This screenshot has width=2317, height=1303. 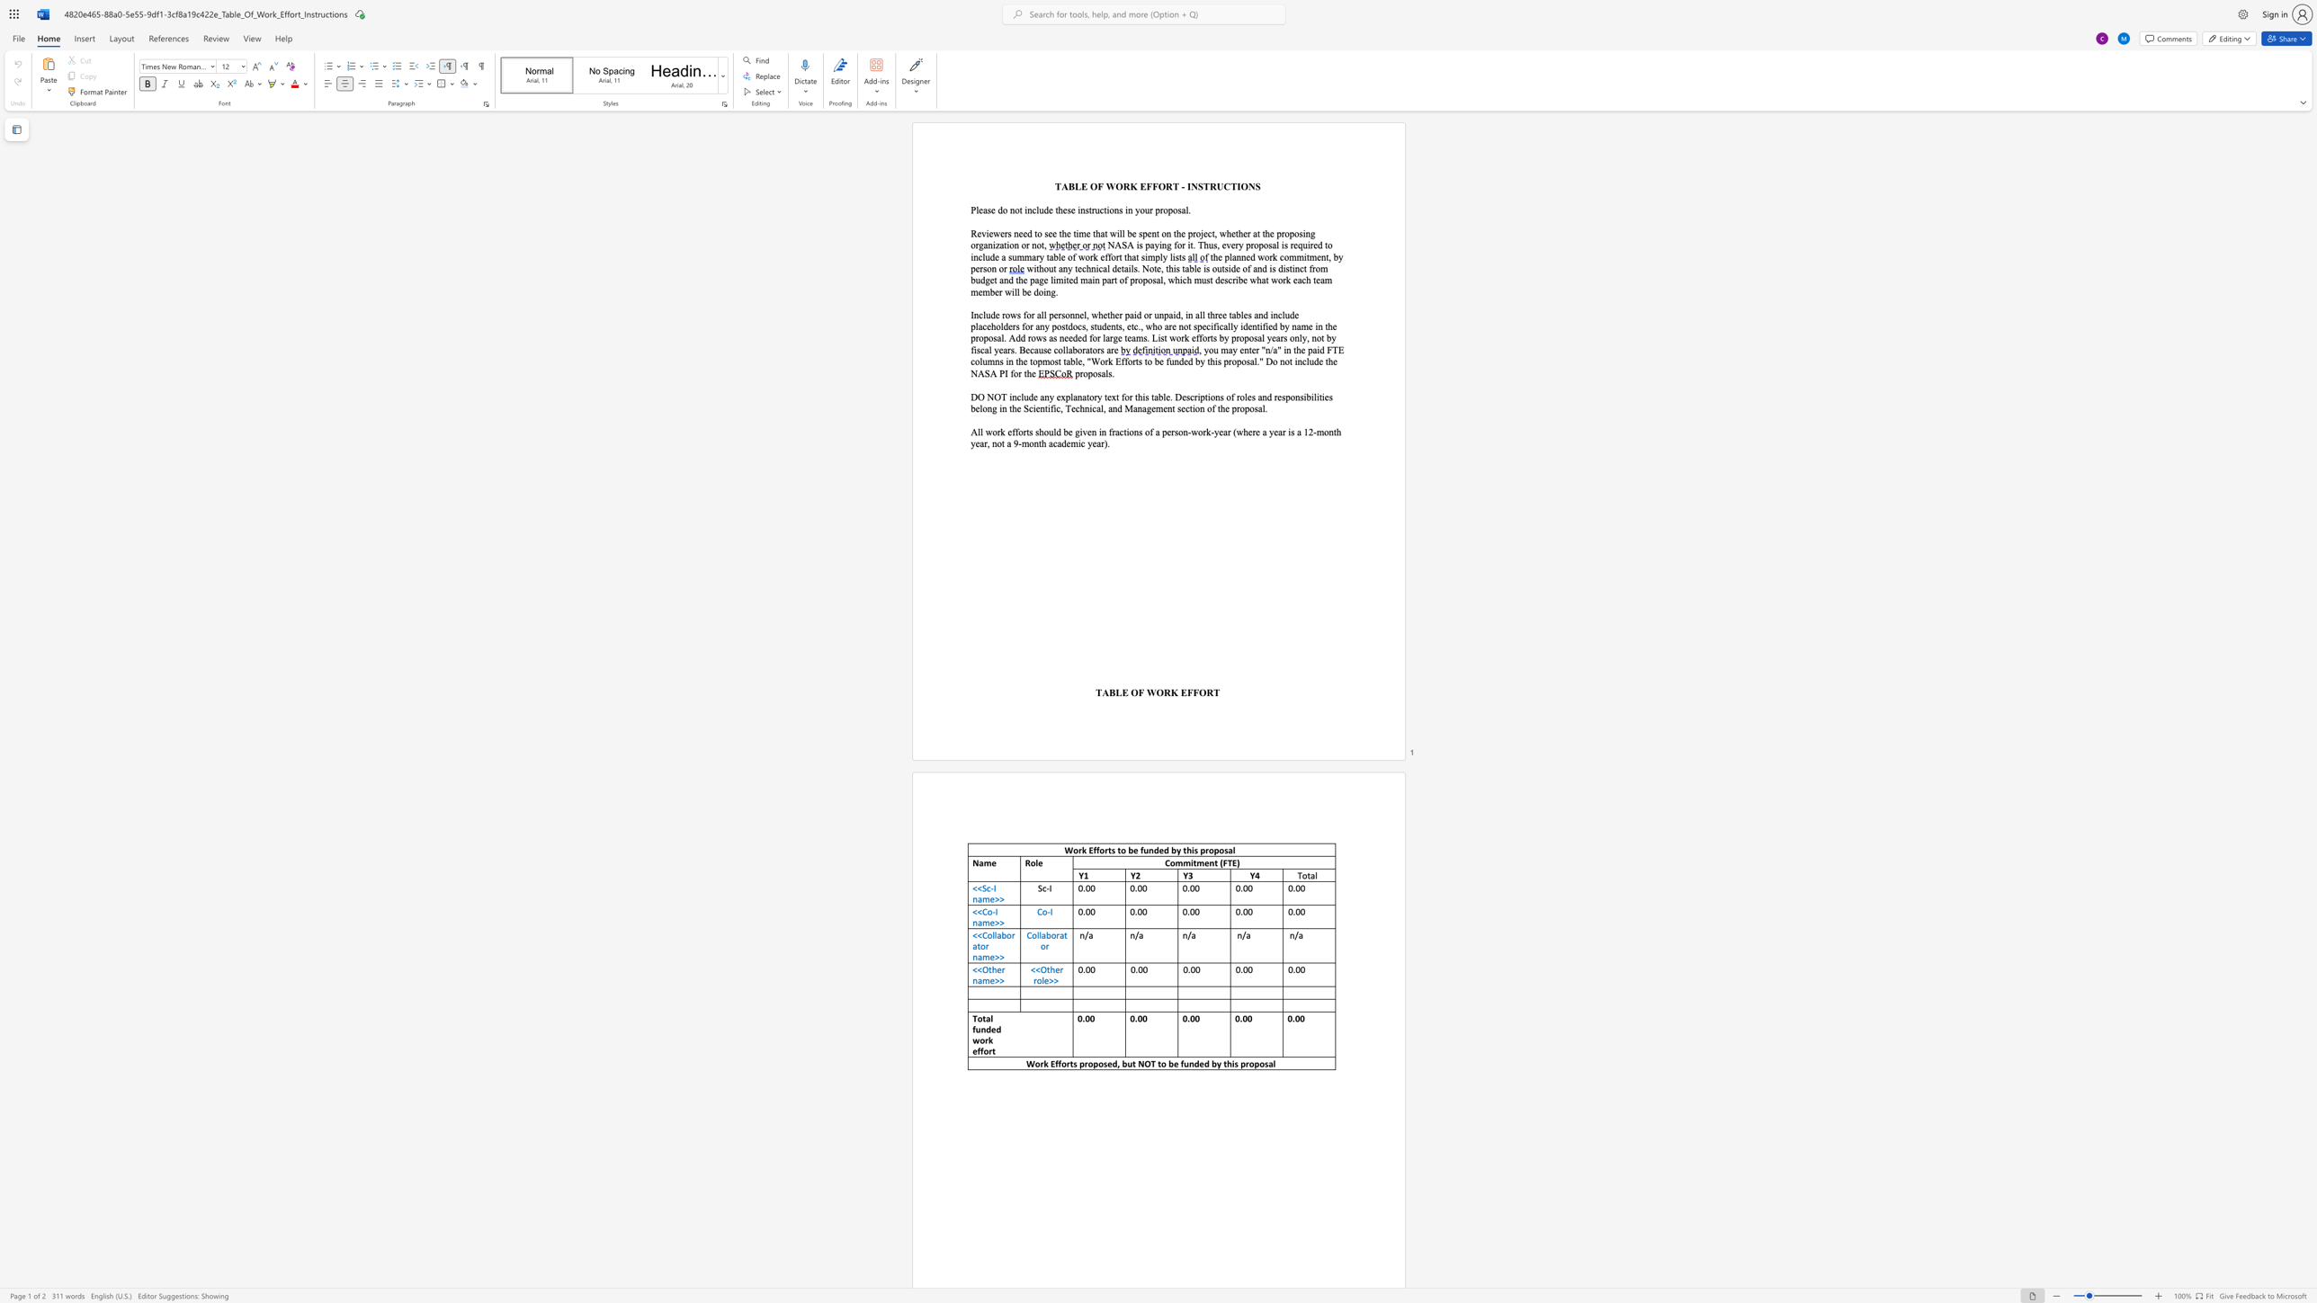 What do you see at coordinates (1209, 862) in the screenshot?
I see `the space between the continuous character "e" and "n" in the text` at bounding box center [1209, 862].